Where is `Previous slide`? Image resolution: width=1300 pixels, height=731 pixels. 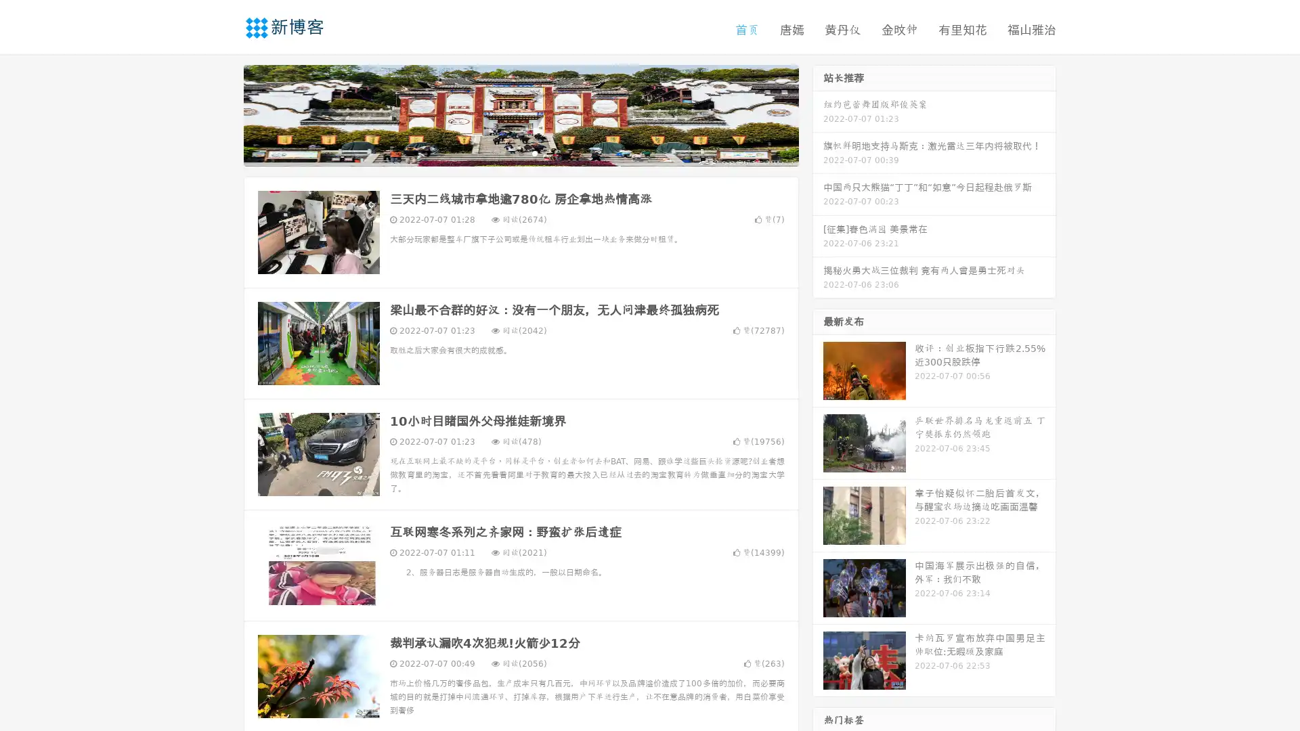
Previous slide is located at coordinates (223, 114).